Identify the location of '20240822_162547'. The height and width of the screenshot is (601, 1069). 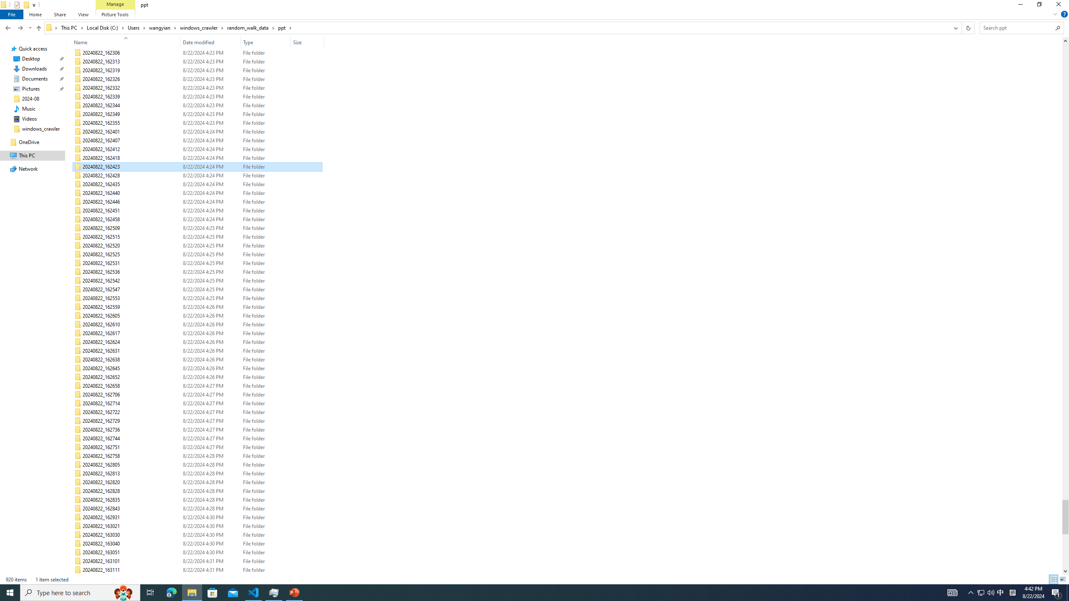
(197, 289).